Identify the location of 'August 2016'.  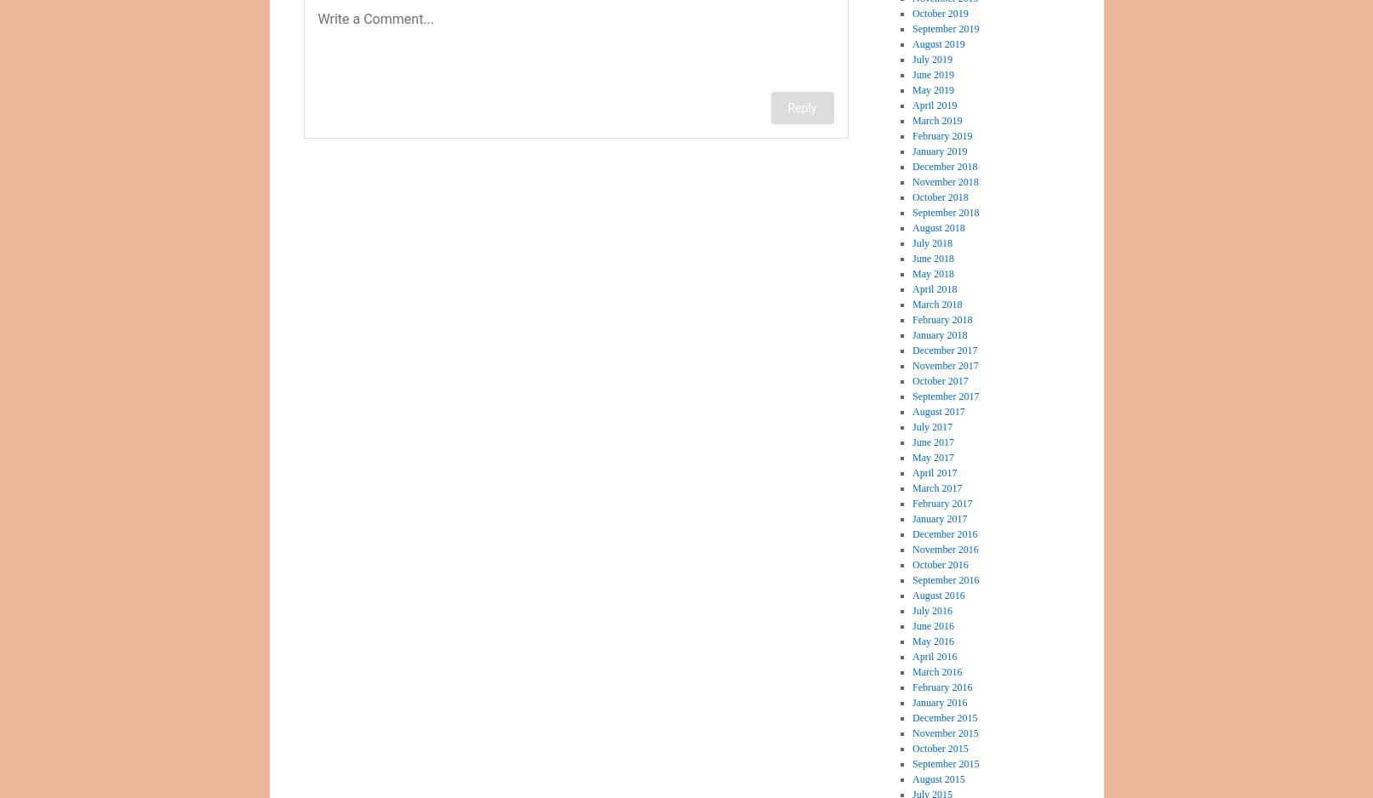
(937, 596).